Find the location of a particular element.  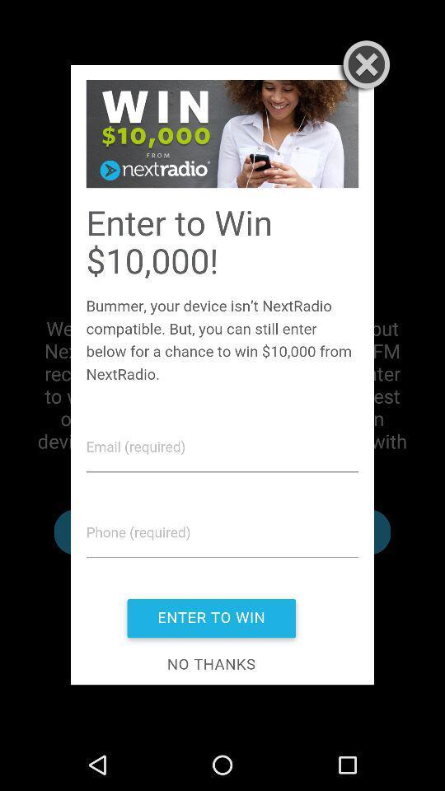

cose is located at coordinates (363, 67).